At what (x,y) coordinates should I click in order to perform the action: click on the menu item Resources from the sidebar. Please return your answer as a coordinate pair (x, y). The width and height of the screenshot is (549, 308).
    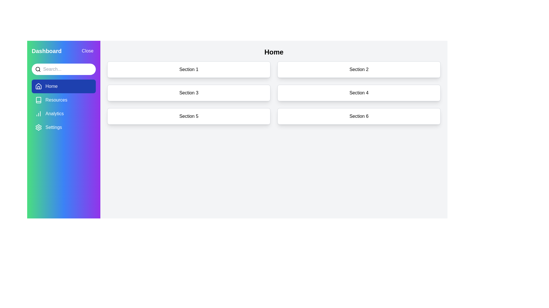
    Looking at the image, I should click on (63, 100).